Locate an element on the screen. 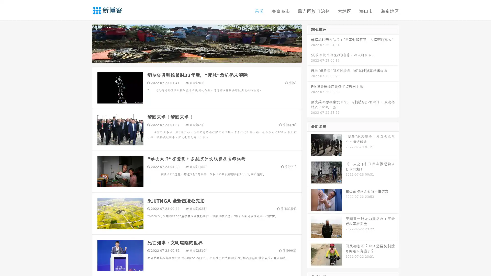  Previous slide is located at coordinates (84, 43).